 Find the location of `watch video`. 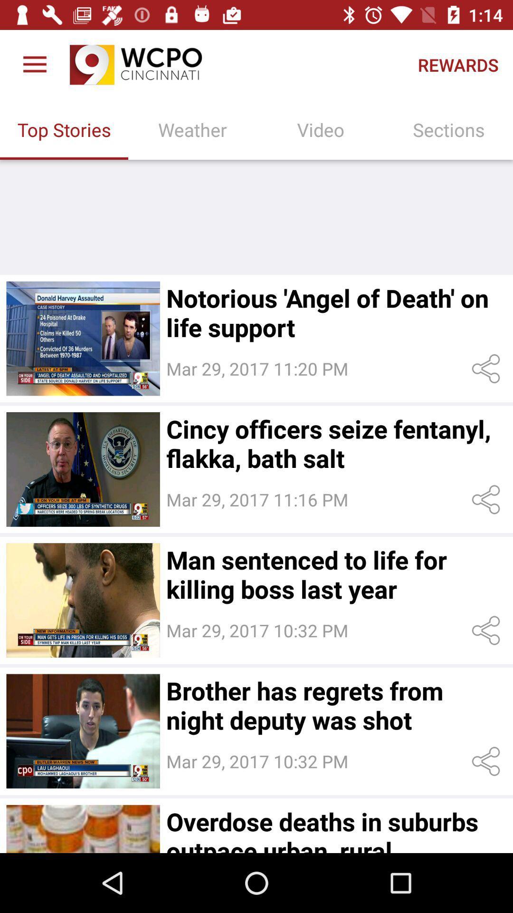

watch video is located at coordinates (83, 469).